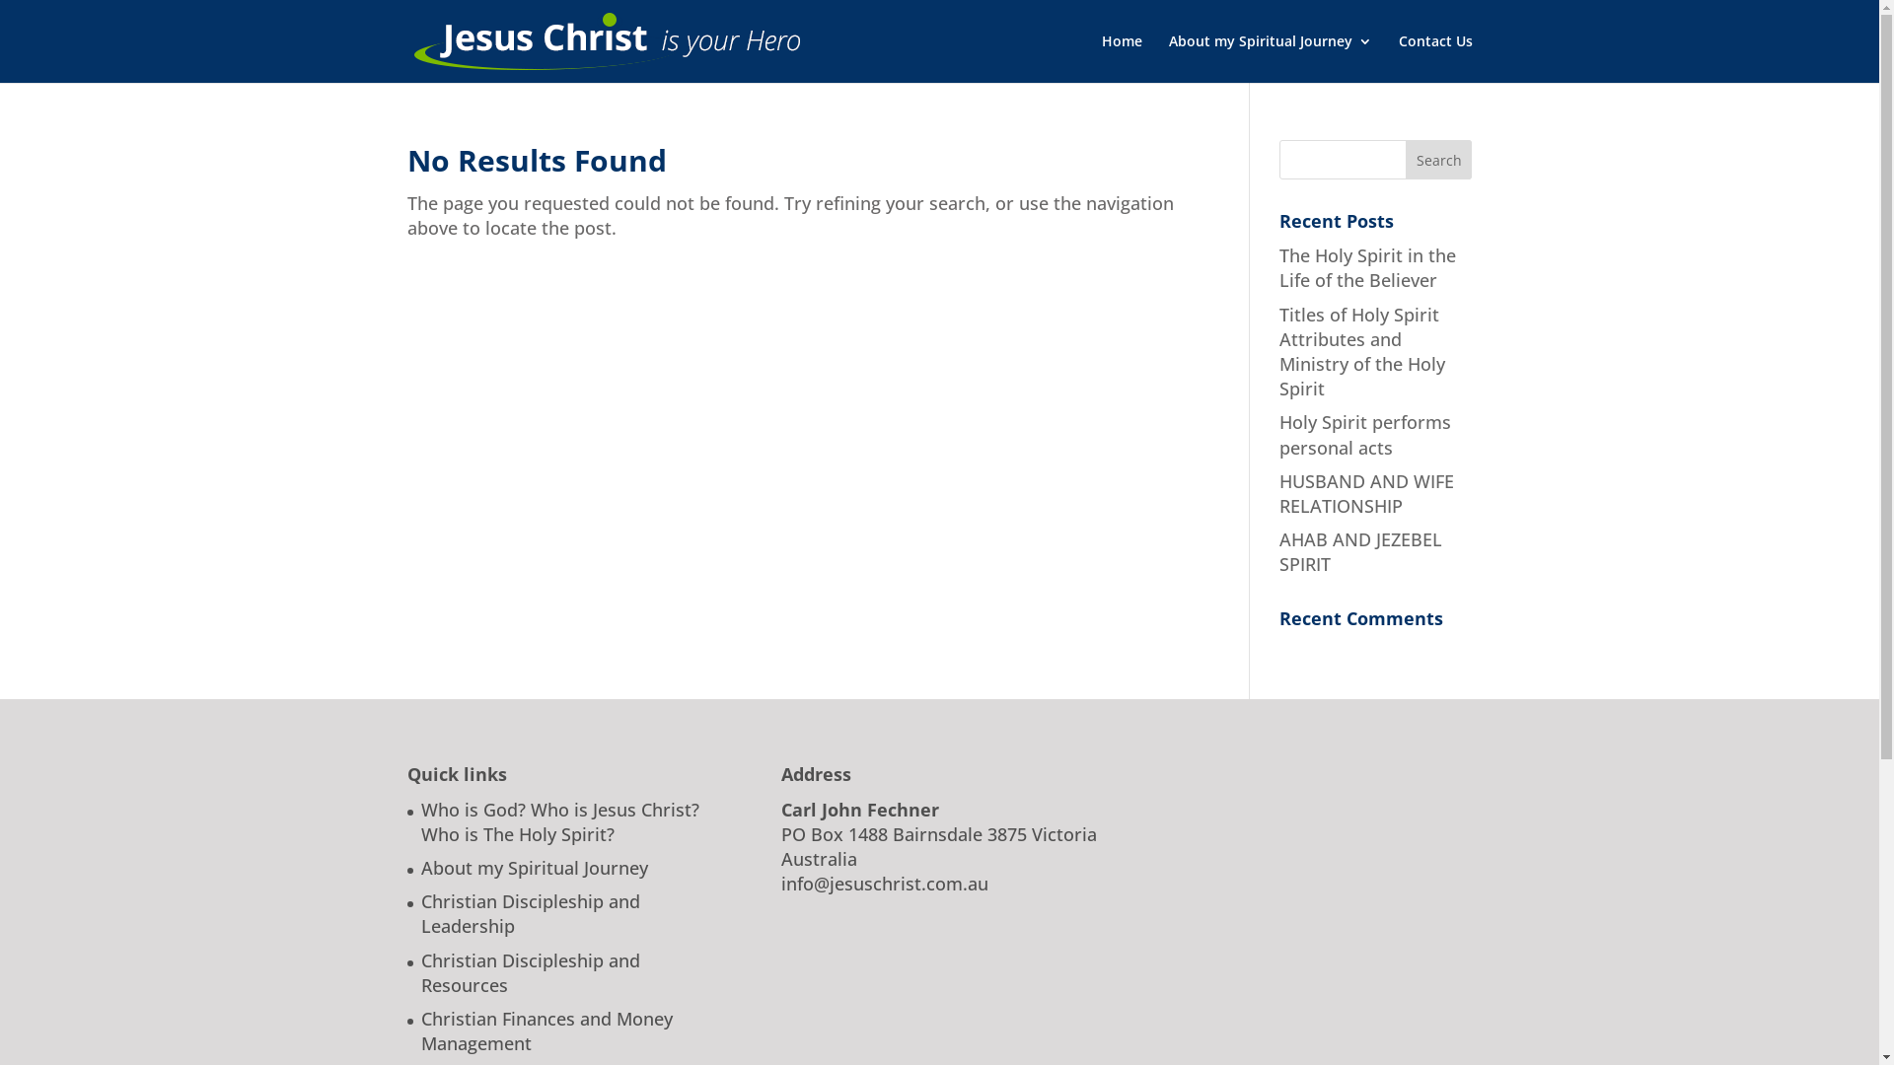 This screenshot has width=1894, height=1065. I want to click on 'Who is God? Who is Jesus Christ? Who is The Holy Spirit?', so click(557, 821).